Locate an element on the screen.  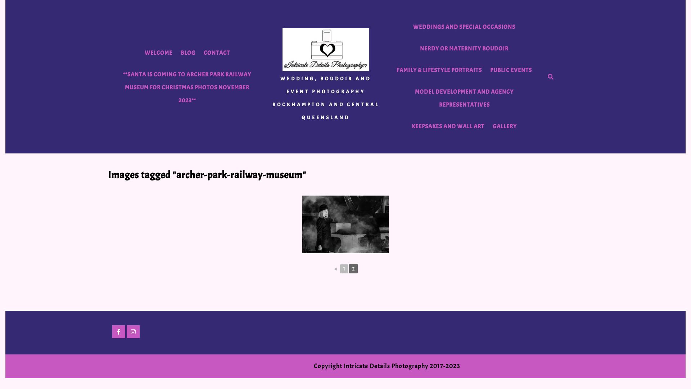
'MODEL DEVELOPMENT AND AGENCY REPRESENTATIVES' is located at coordinates (464, 98).